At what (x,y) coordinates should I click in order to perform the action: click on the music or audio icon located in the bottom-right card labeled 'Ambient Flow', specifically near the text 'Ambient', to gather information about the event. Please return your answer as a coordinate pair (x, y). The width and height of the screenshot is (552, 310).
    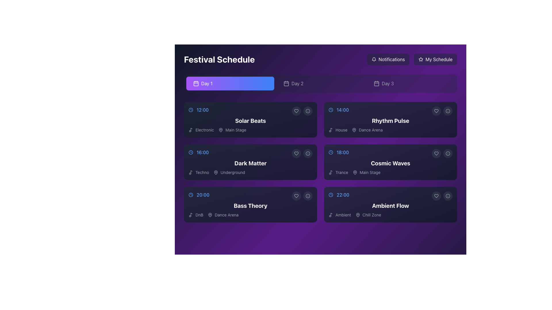
    Looking at the image, I should click on (331, 215).